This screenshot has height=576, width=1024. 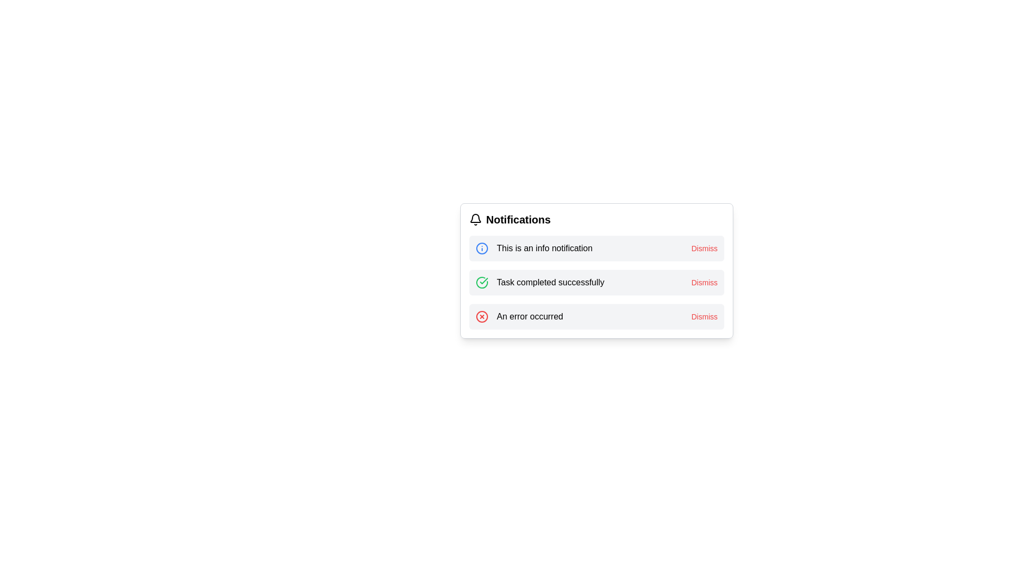 What do you see at coordinates (481, 282) in the screenshot?
I see `the green circular icon with a white checkmark that indicates a completed task, located next to the text 'Task completed successfully'` at bounding box center [481, 282].